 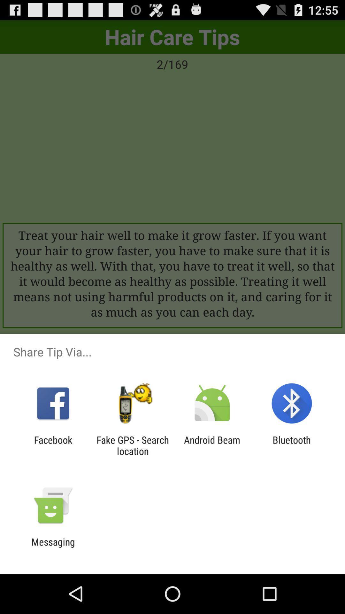 What do you see at coordinates (53, 445) in the screenshot?
I see `the facebook item` at bounding box center [53, 445].